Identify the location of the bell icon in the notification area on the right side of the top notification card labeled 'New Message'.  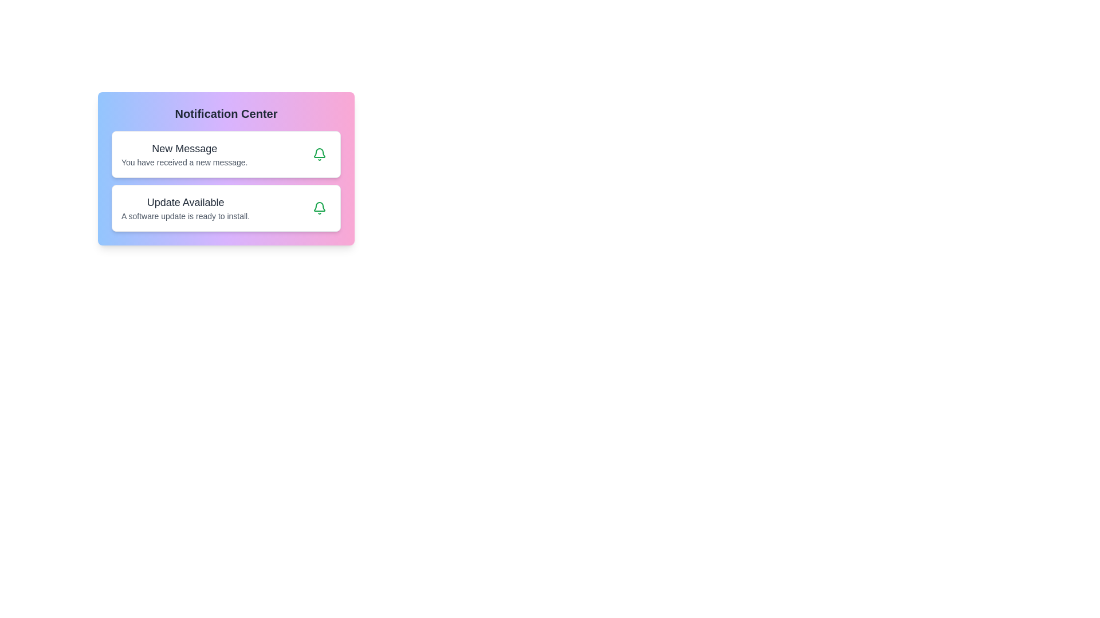
(319, 208).